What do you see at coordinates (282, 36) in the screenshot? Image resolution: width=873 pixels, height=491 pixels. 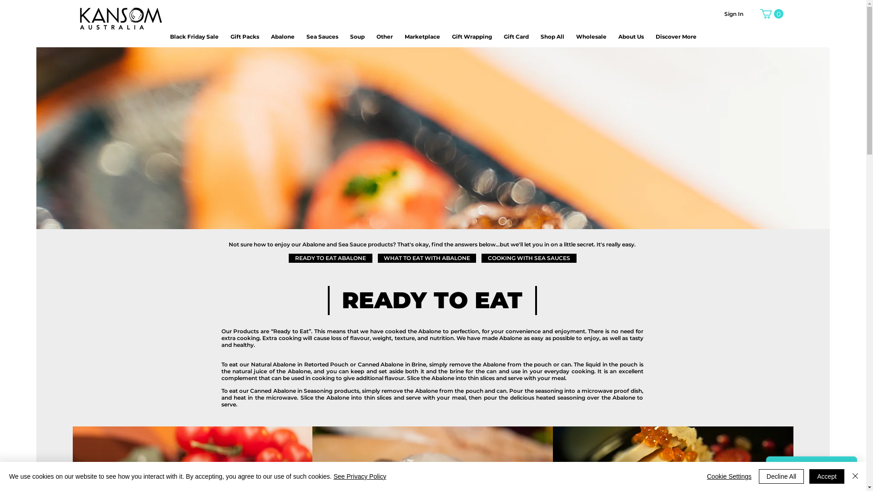 I see `'Abalone'` at bounding box center [282, 36].